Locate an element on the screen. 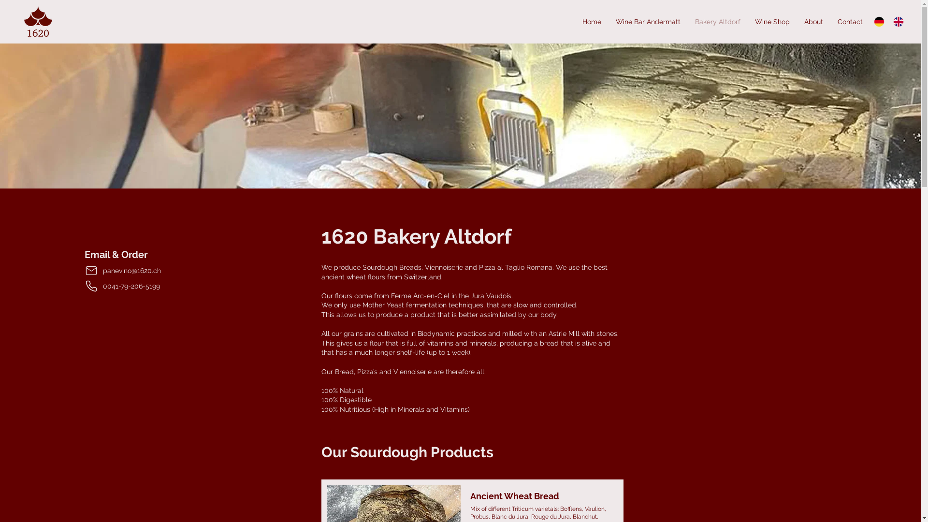 The height and width of the screenshot is (522, 928). 'Contact' is located at coordinates (849, 22).